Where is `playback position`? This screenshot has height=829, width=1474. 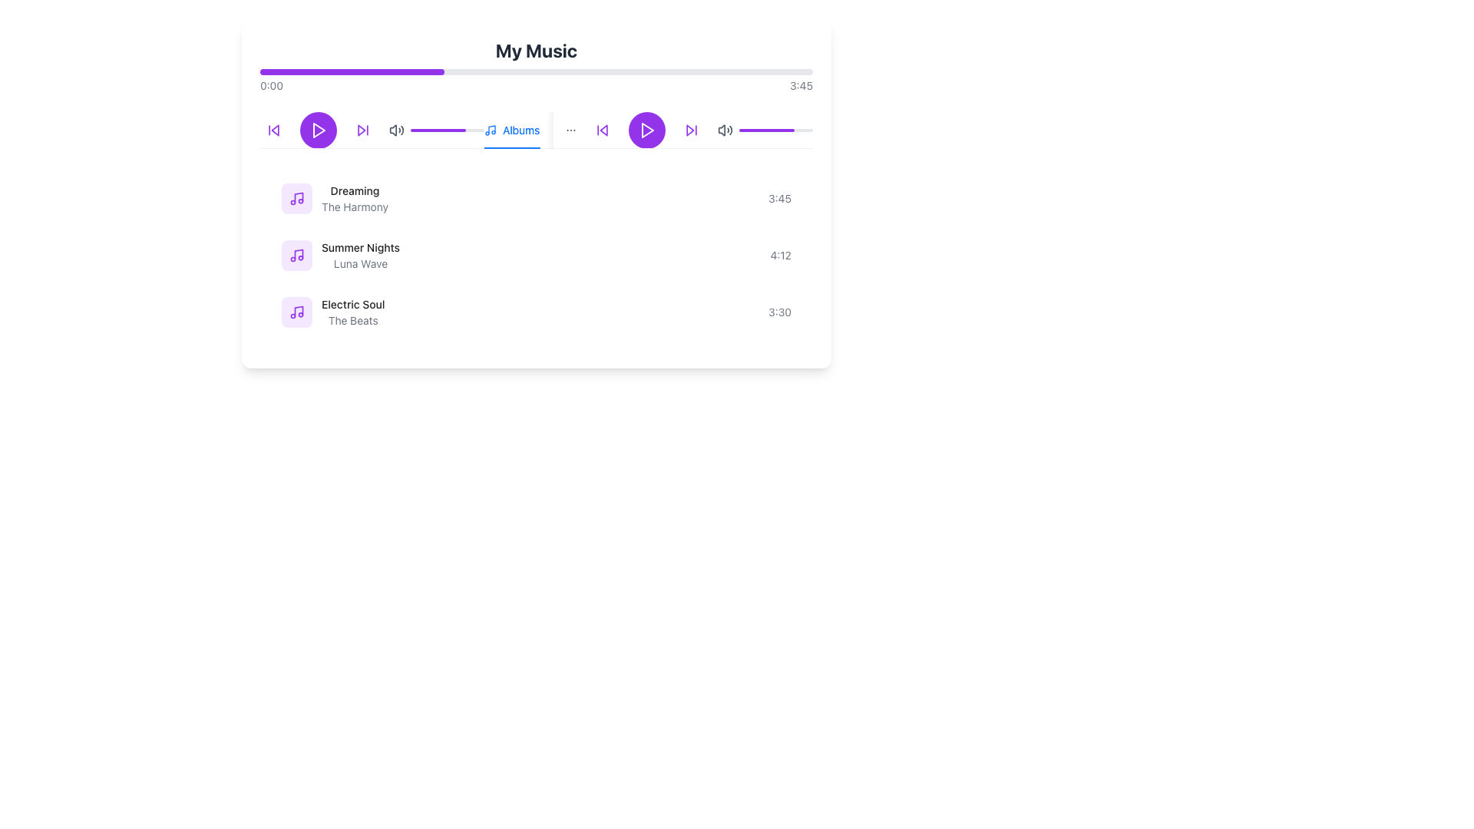
playback position is located at coordinates (441, 129).